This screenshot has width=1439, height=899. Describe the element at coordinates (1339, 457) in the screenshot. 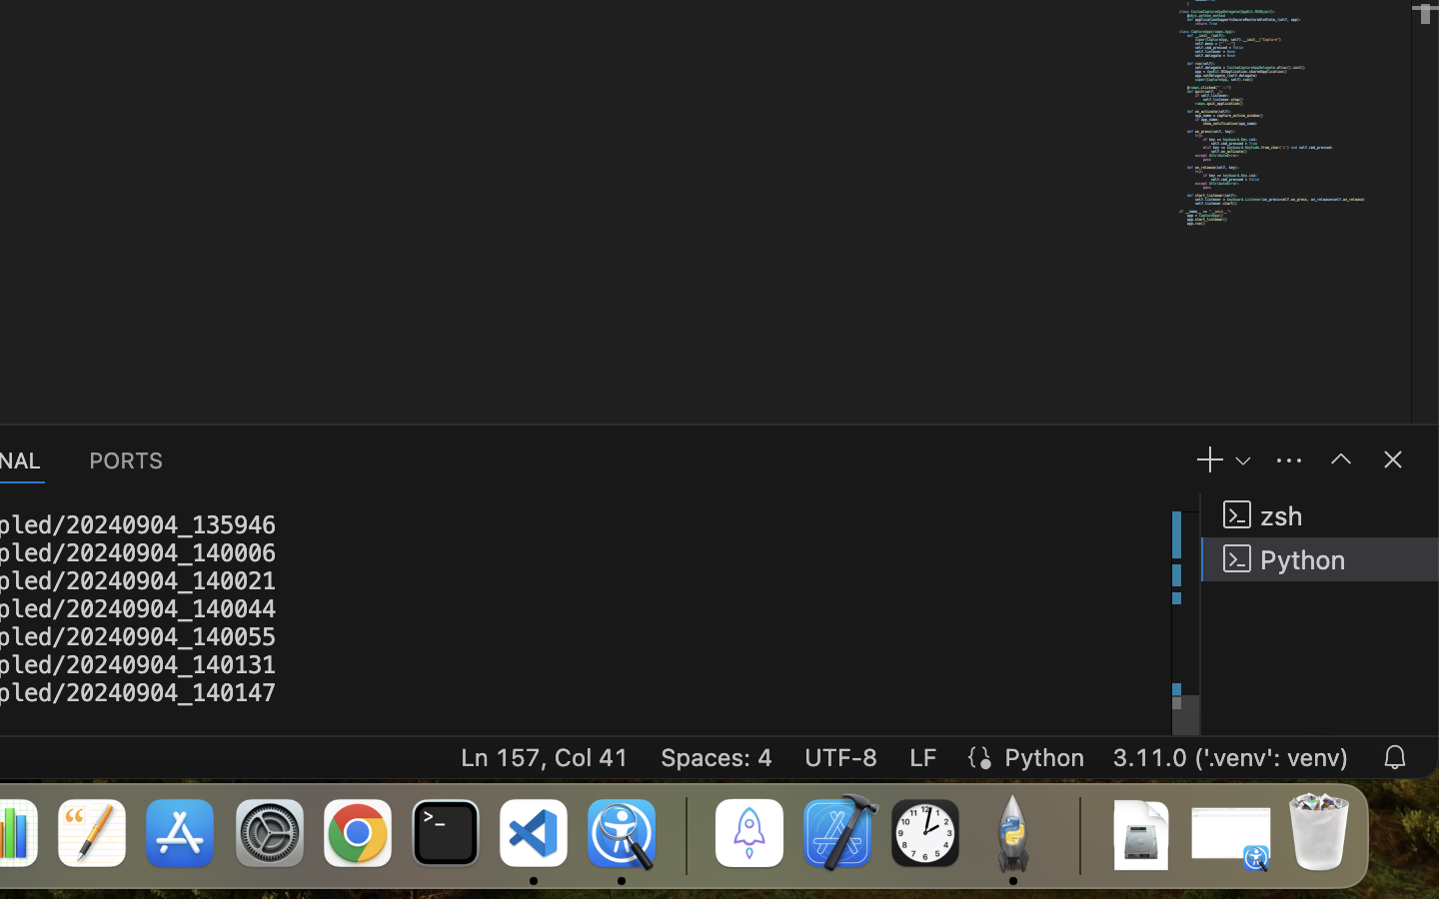

I see `''` at that location.